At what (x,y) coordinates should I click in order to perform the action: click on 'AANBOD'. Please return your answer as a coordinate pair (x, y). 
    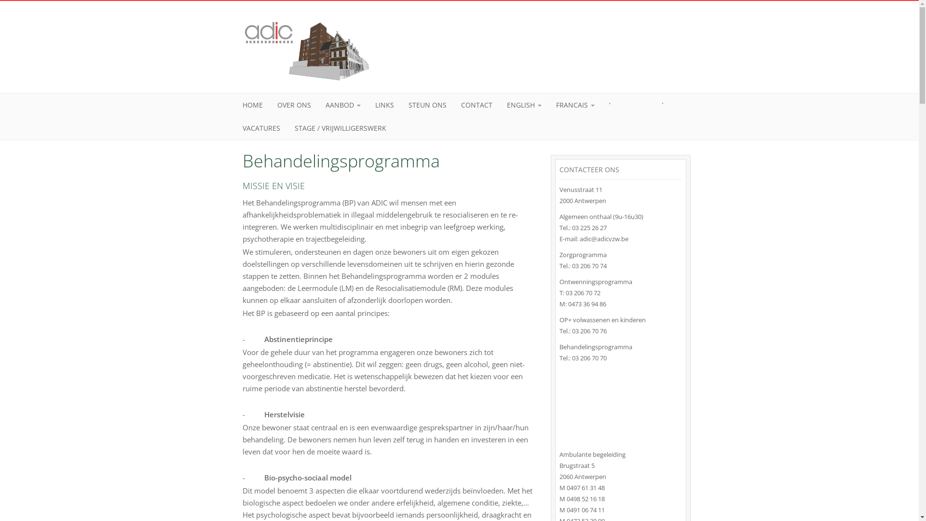
    Looking at the image, I should click on (343, 105).